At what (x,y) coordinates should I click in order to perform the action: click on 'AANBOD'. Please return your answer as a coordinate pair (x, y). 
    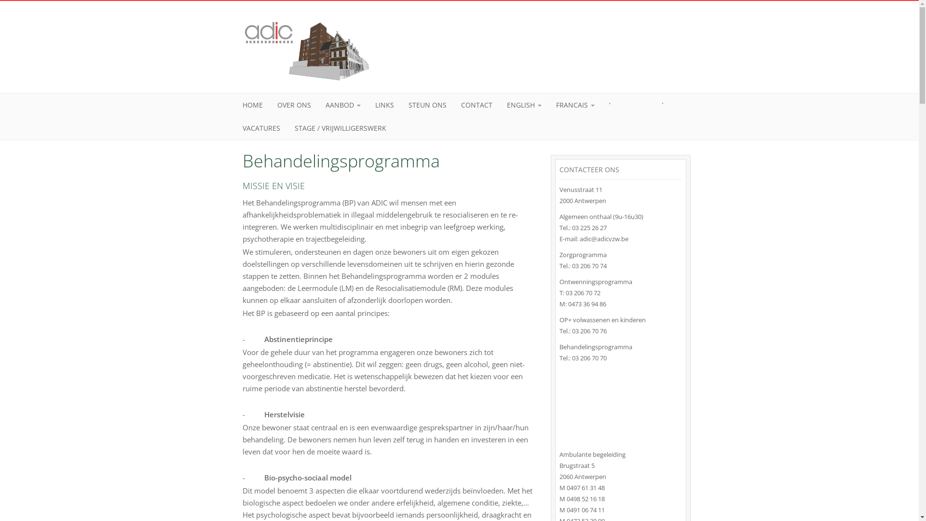
    Looking at the image, I should click on (343, 105).